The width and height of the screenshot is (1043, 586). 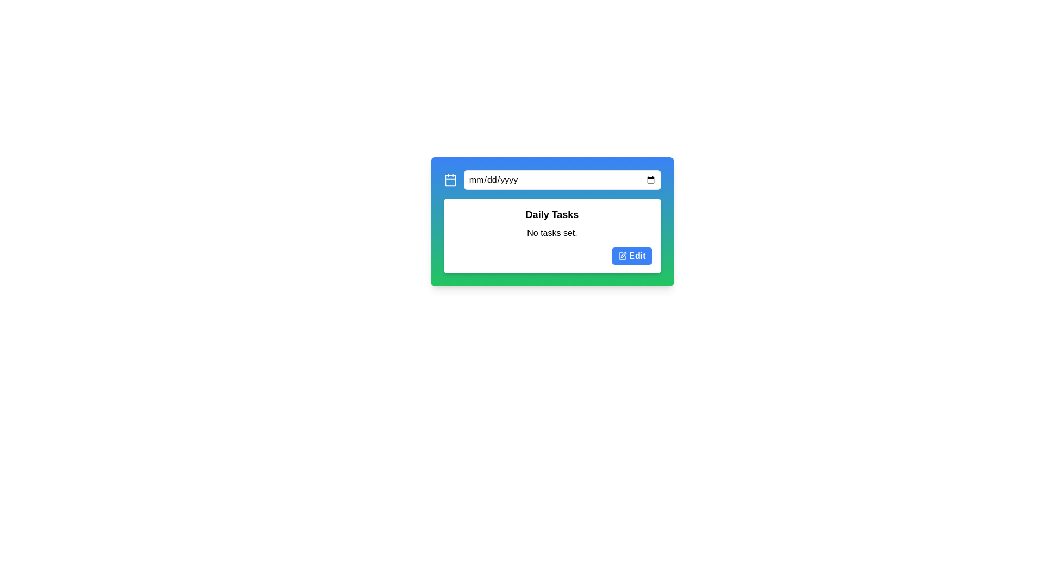 I want to click on the static text indicating that no tasks have been set, which is located directly below the heading 'Daily Tasks', so click(x=552, y=234).